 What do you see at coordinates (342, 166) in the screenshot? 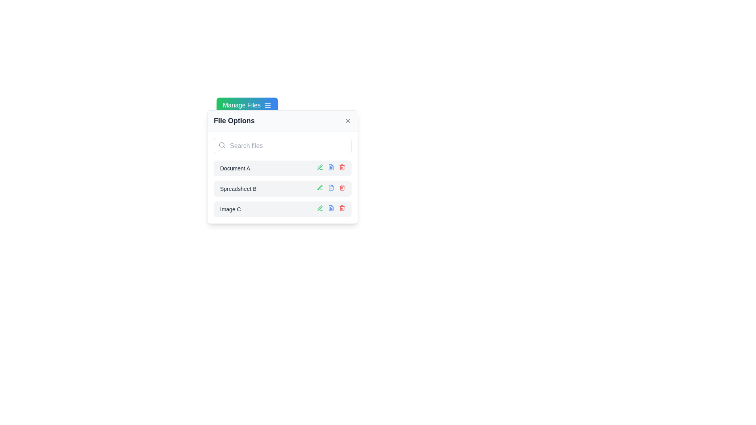
I see `the delete button, which is the third icon in the horizontal group of buttons to the right of the file in the 'File Options' list` at bounding box center [342, 166].